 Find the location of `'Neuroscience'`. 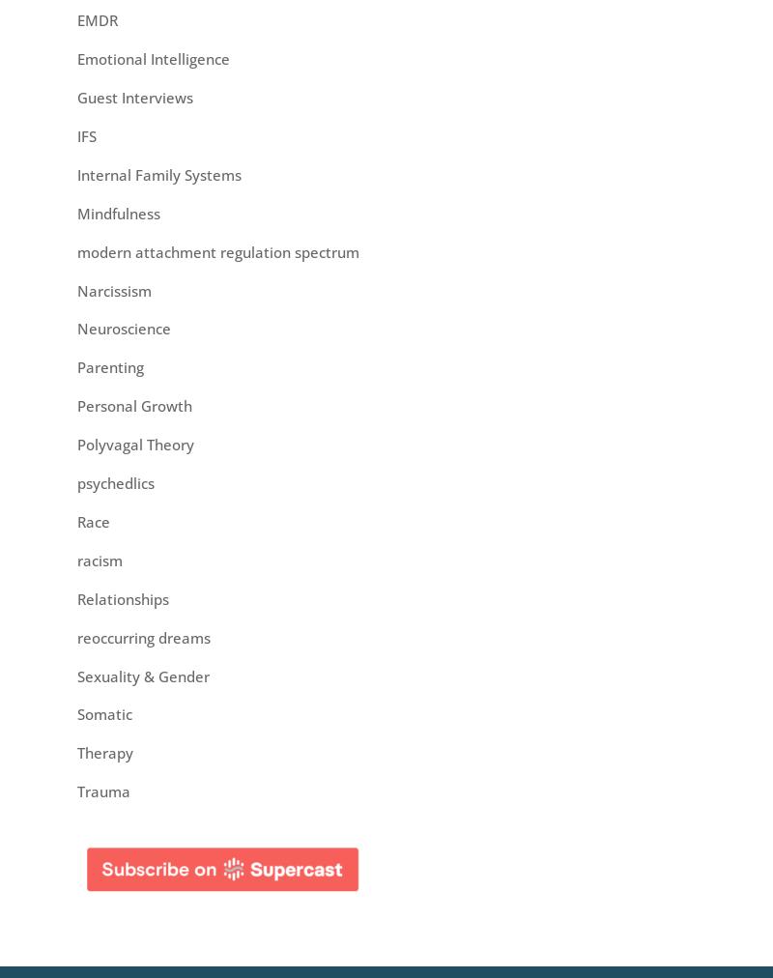

'Neuroscience' is located at coordinates (123, 328).